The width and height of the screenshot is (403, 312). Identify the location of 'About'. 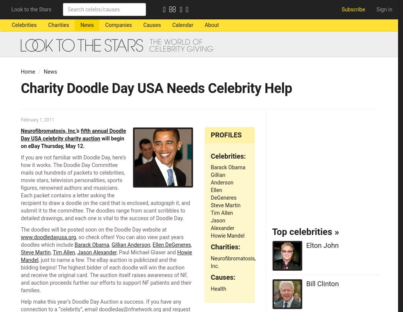
(211, 25).